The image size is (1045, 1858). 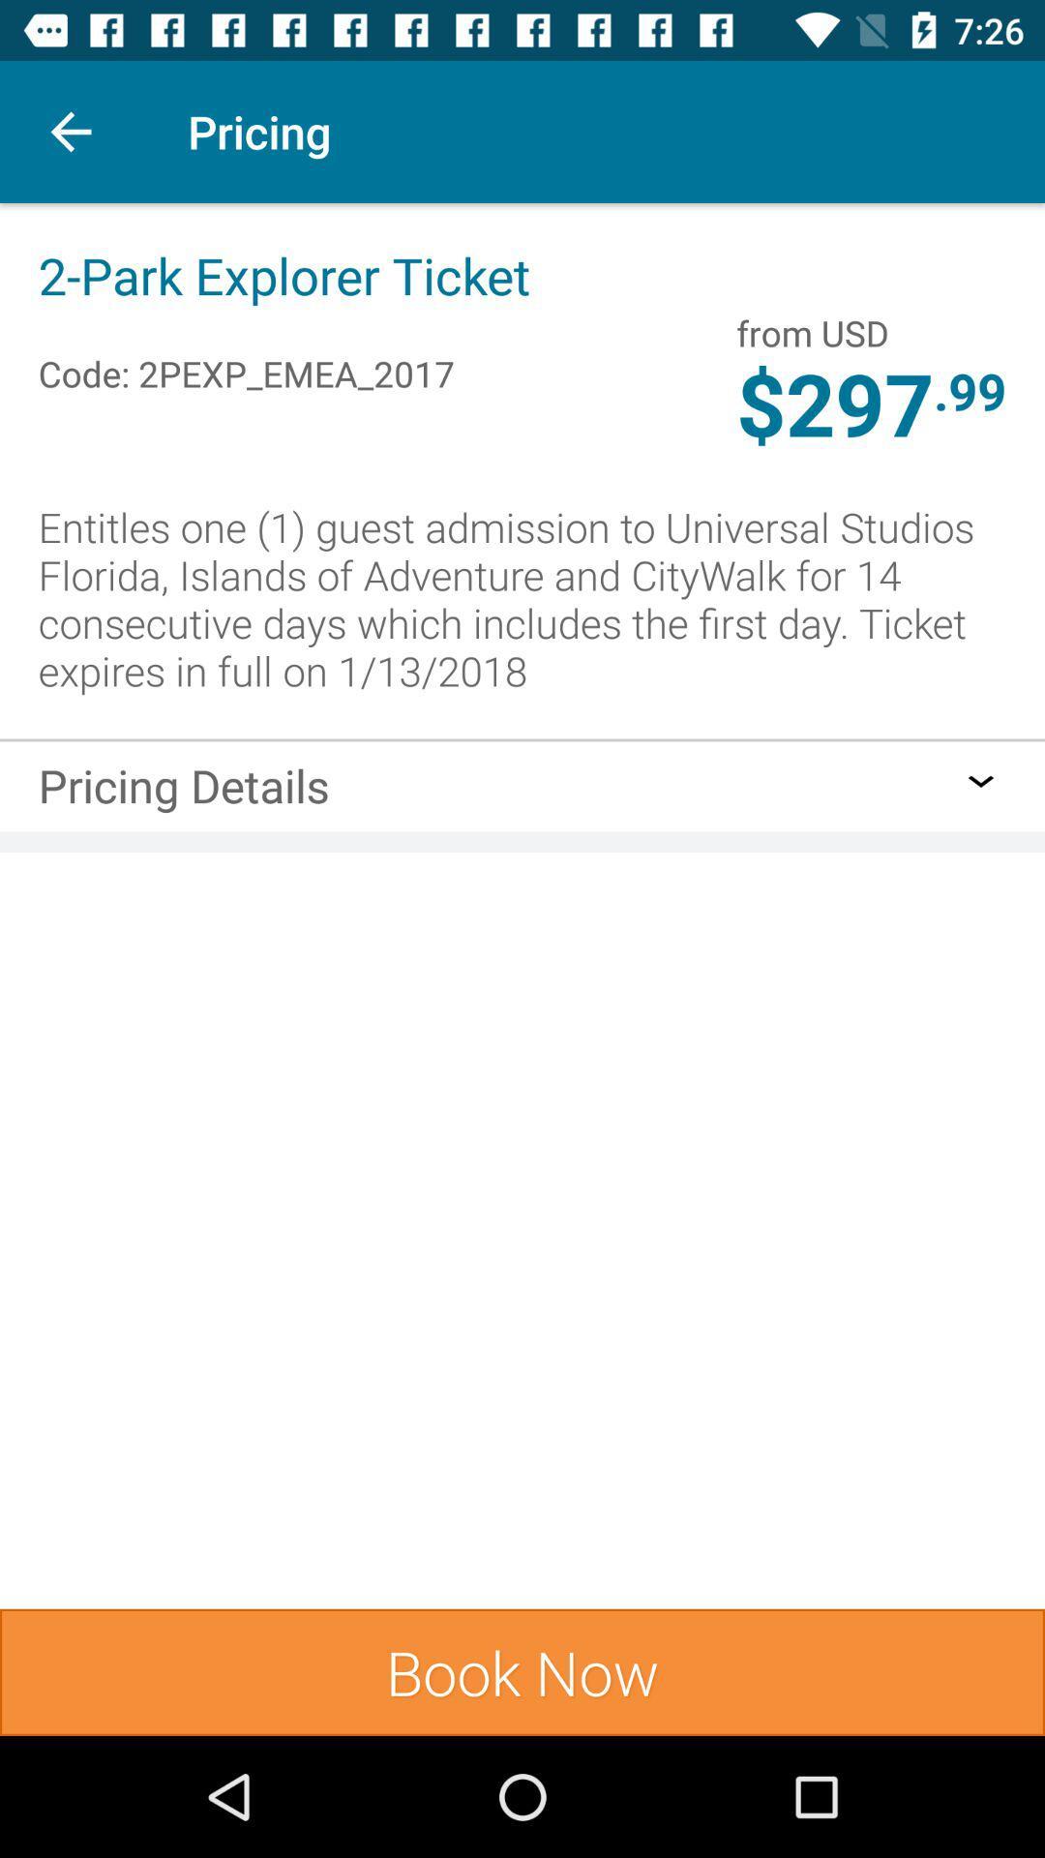 What do you see at coordinates (522, 738) in the screenshot?
I see `the item below the entitles one 1 item` at bounding box center [522, 738].